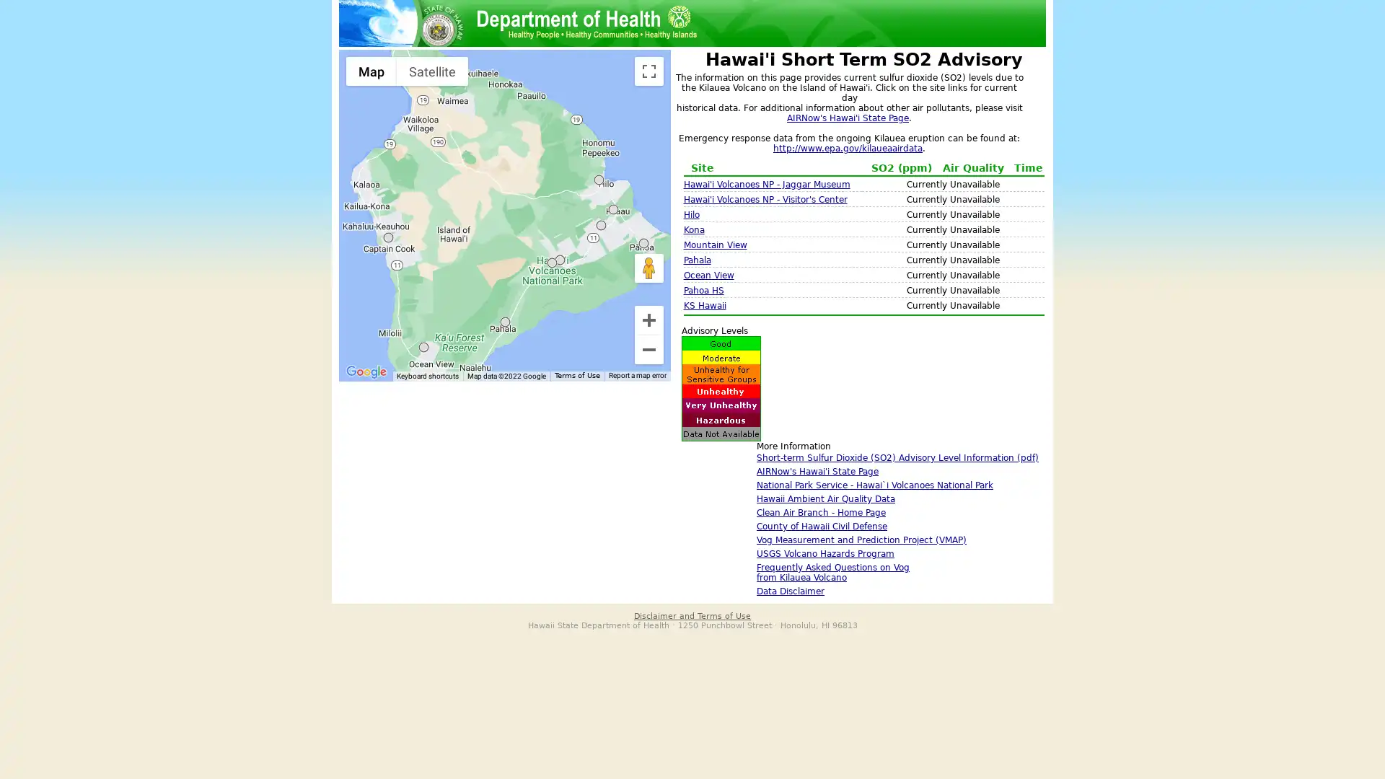 The height and width of the screenshot is (779, 1385). Describe the element at coordinates (643, 242) in the screenshot. I see `PAHOA HS: No Data` at that location.